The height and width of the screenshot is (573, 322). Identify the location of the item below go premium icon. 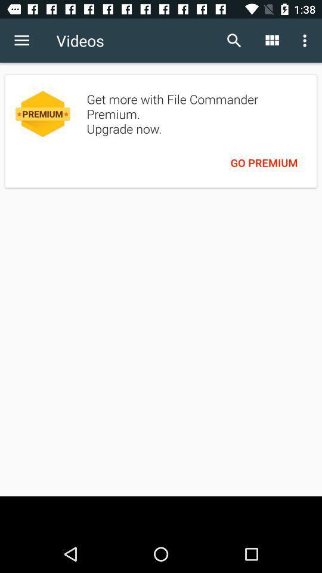
(161, 515).